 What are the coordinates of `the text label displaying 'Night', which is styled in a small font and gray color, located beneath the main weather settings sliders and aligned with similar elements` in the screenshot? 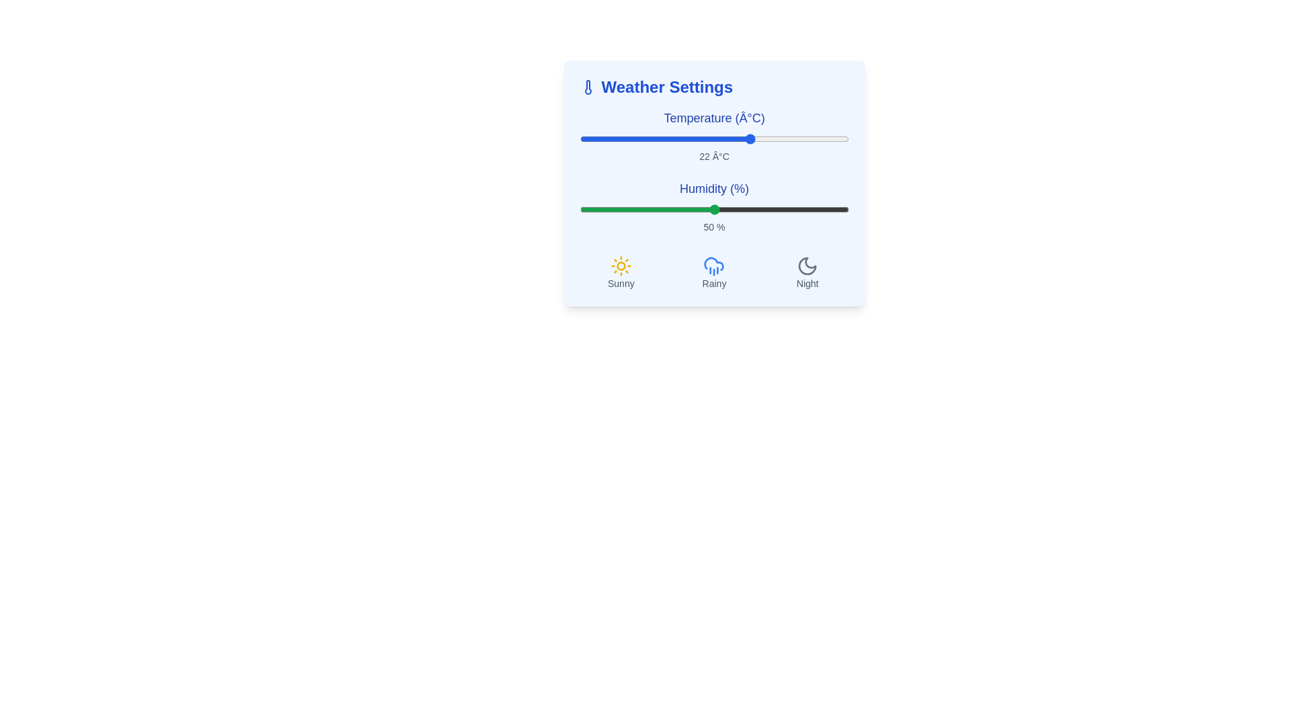 It's located at (807, 282).